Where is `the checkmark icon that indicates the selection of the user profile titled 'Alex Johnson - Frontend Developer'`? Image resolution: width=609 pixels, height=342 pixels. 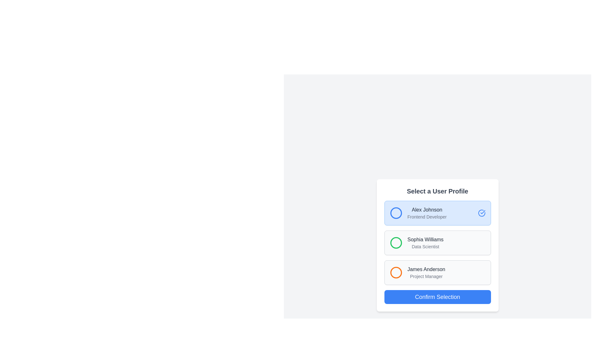 the checkmark icon that indicates the selection of the user profile titled 'Alex Johnson - Frontend Developer' is located at coordinates (482, 212).